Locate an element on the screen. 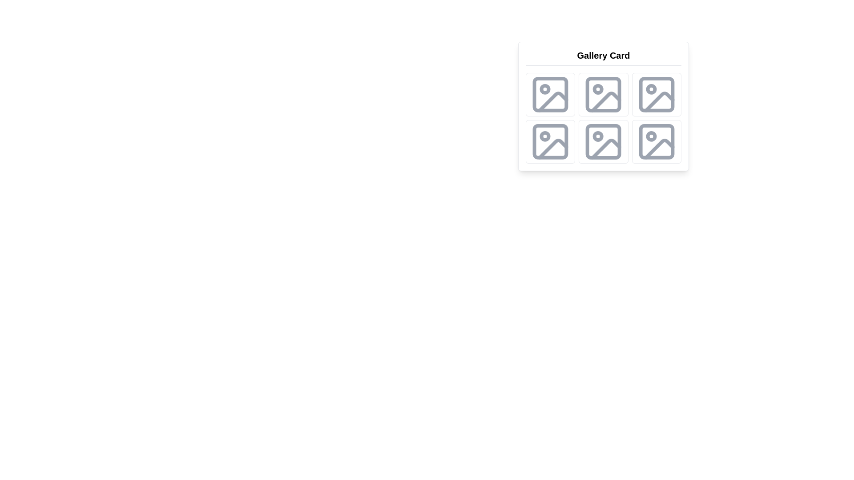  the decorative vector graphic in the third slot of the second row in the 3x3 gallery grid is located at coordinates (552, 148).